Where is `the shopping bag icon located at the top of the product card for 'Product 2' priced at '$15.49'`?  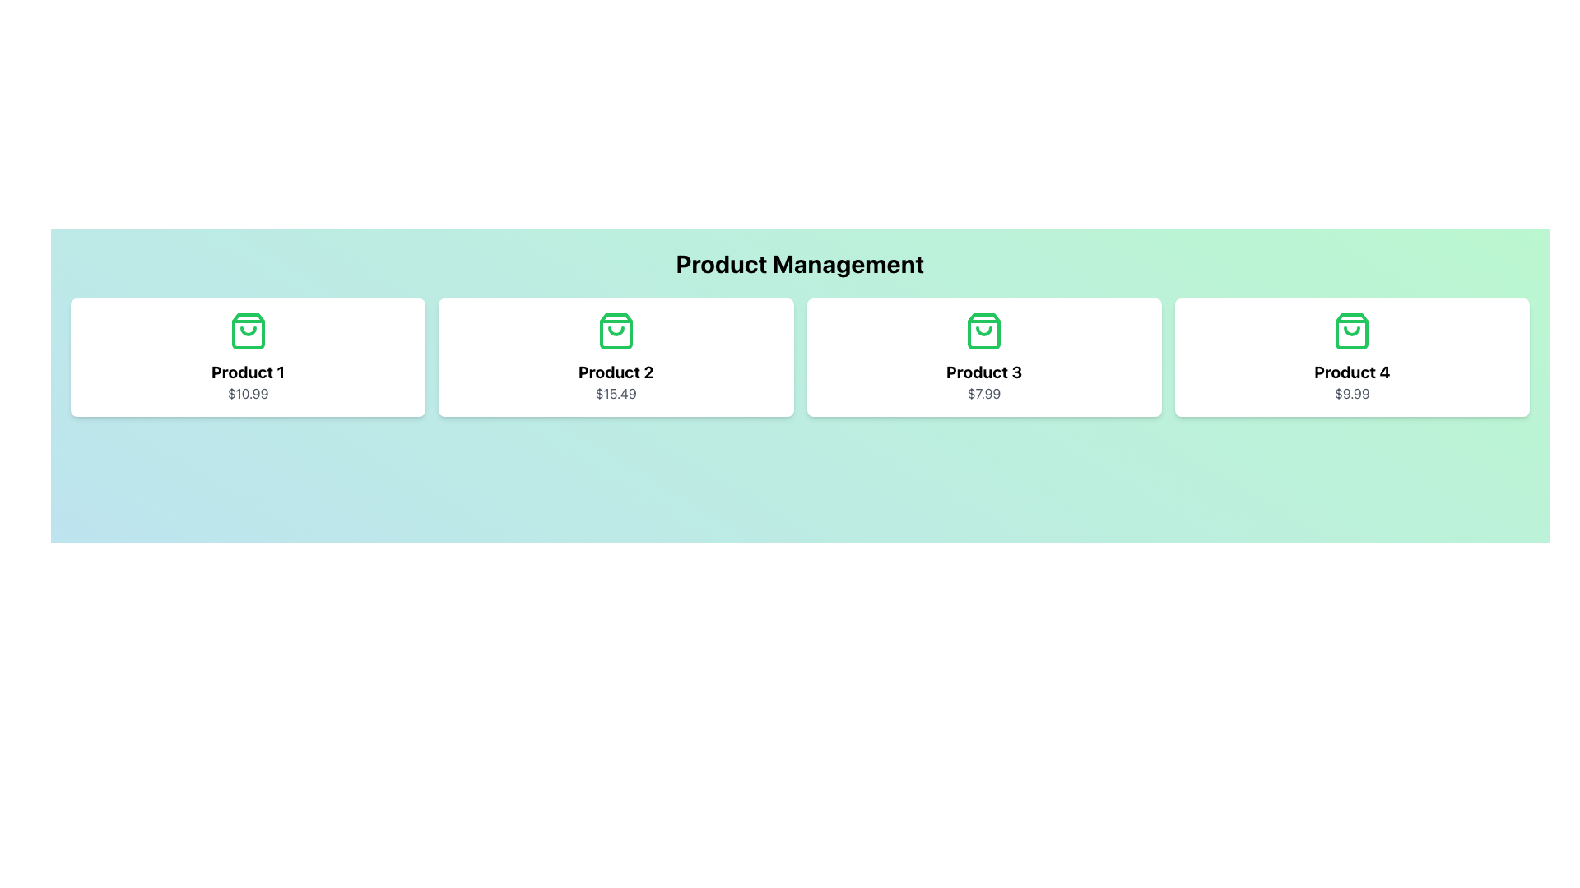
the shopping bag icon located at the top of the product card for 'Product 2' priced at '$15.49' is located at coordinates (615, 331).